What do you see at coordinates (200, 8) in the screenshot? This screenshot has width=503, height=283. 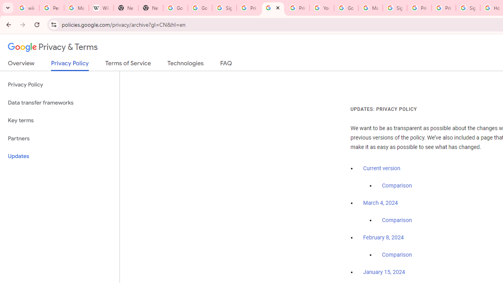 I see `'Google Drive: Sign-in'` at bounding box center [200, 8].